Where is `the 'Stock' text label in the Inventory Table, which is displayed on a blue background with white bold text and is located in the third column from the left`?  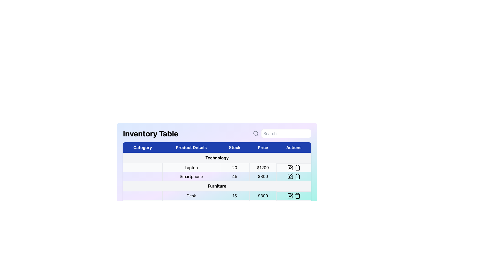
the 'Stock' text label in the Inventory Table, which is displayed on a blue background with white bold text and is located in the third column from the left is located at coordinates (234, 147).